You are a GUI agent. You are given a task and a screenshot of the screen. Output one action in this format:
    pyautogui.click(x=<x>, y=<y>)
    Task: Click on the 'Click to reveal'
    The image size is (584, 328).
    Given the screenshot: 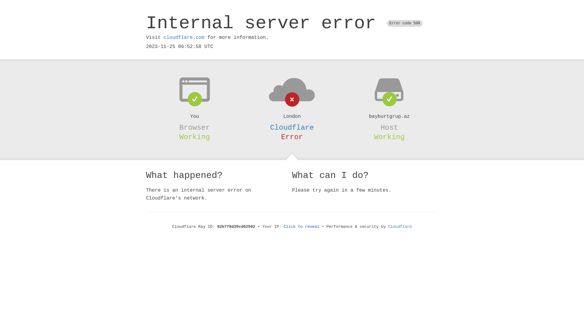 What is the action you would take?
    pyautogui.click(x=301, y=227)
    